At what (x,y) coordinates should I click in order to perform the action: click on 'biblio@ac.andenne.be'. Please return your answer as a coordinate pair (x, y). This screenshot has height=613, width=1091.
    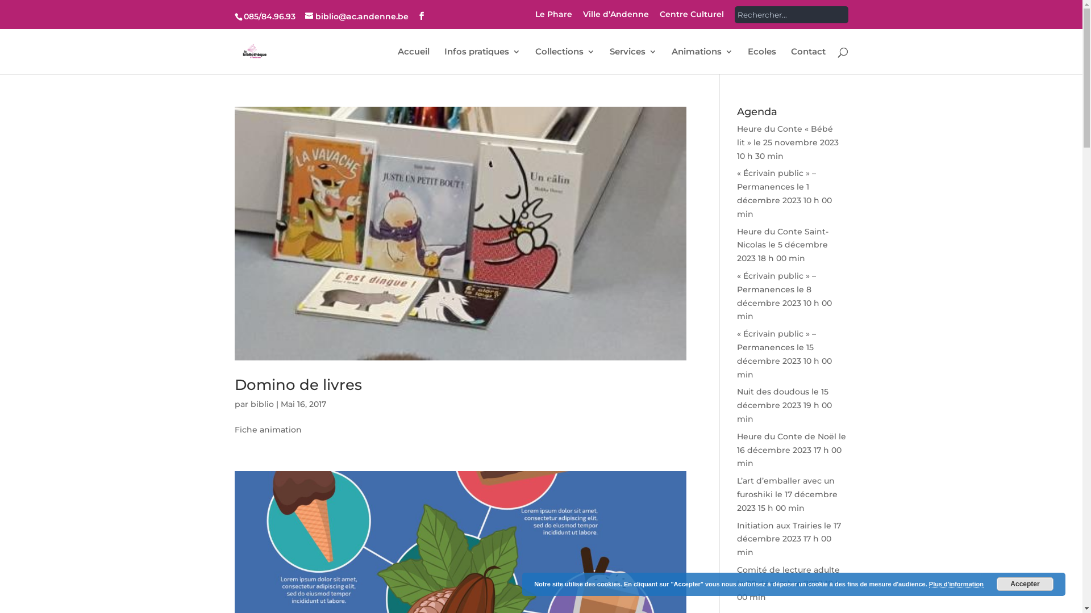
    Looking at the image, I should click on (356, 16).